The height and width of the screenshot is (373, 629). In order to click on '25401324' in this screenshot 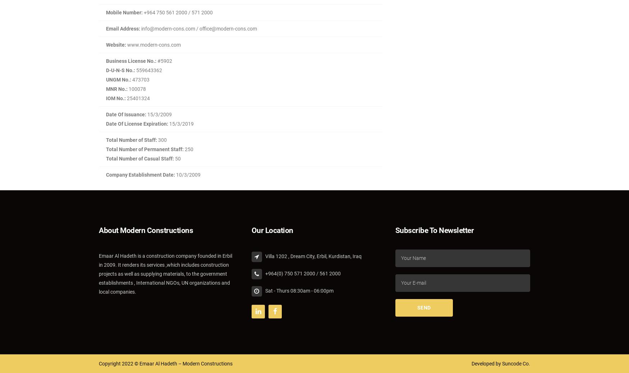, I will do `click(137, 98)`.